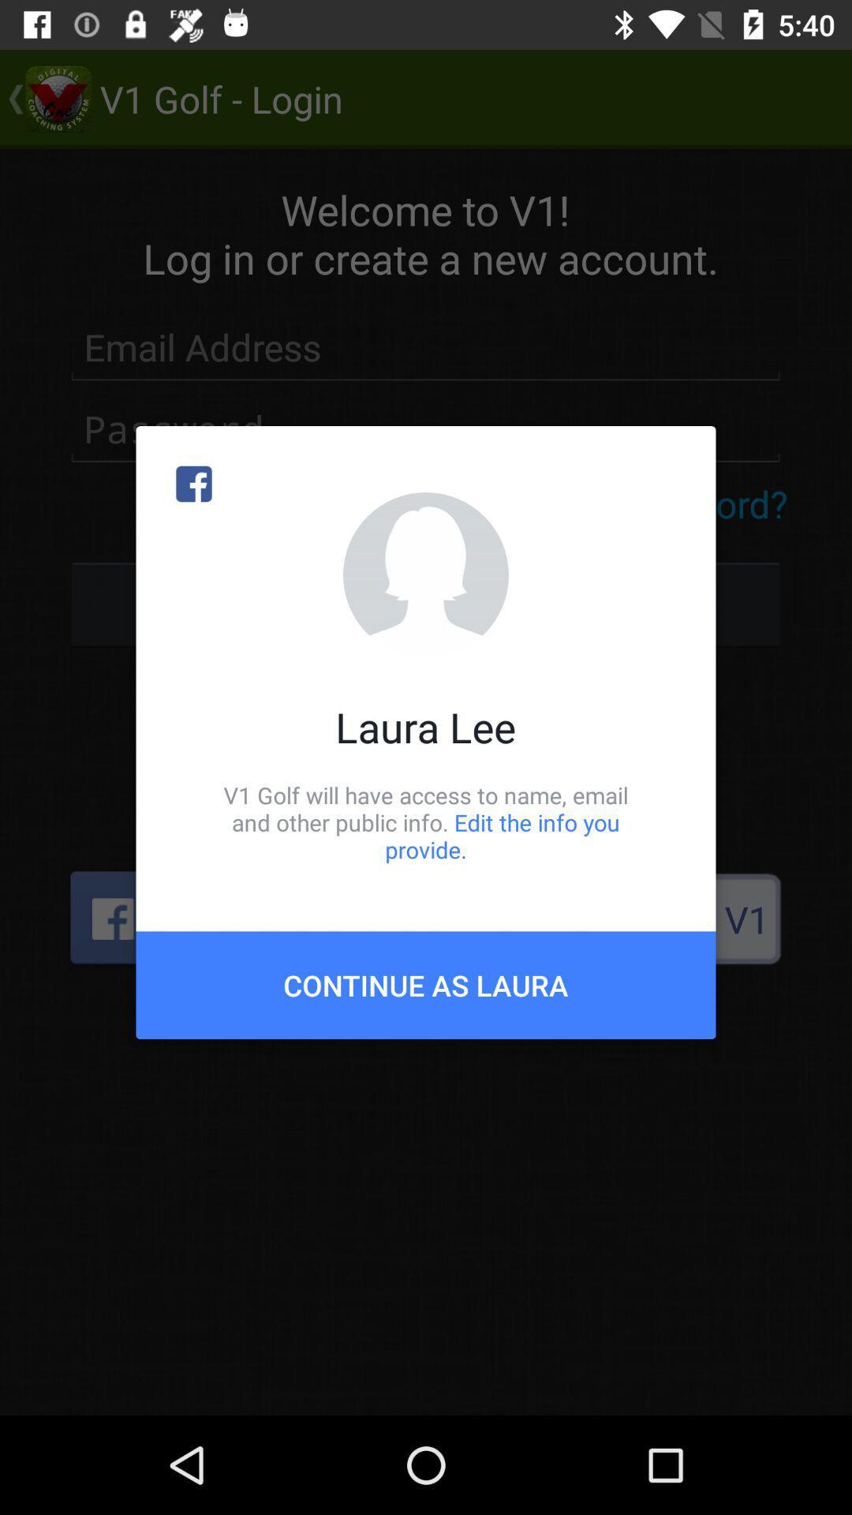 The height and width of the screenshot is (1515, 852). Describe the element at coordinates (426, 821) in the screenshot. I see `the item below laura lee icon` at that location.